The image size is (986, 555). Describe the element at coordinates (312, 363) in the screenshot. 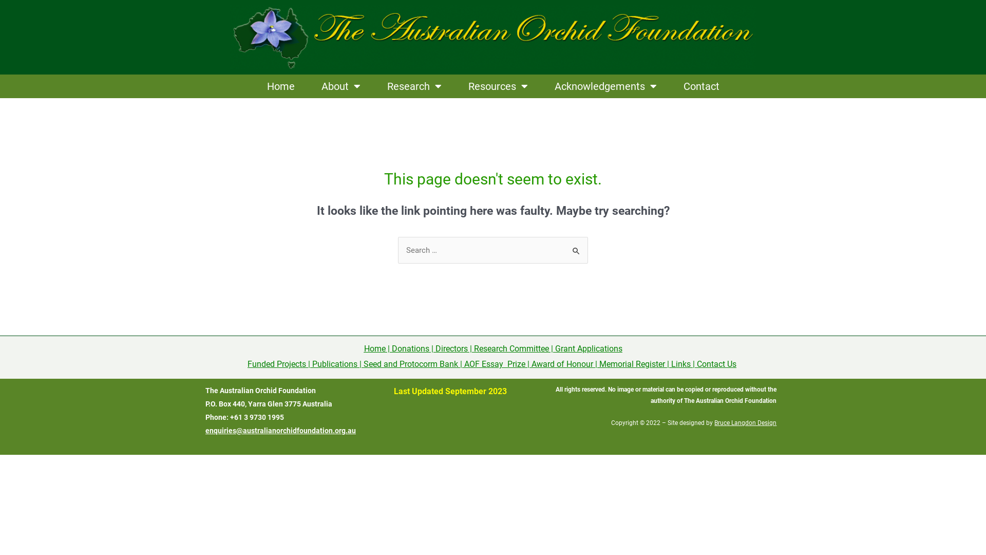

I see `'Publications'` at that location.